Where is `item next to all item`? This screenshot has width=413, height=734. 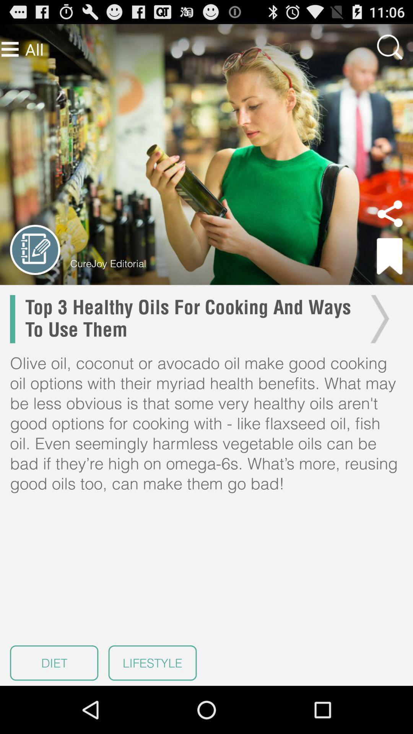 item next to all item is located at coordinates (10, 49).